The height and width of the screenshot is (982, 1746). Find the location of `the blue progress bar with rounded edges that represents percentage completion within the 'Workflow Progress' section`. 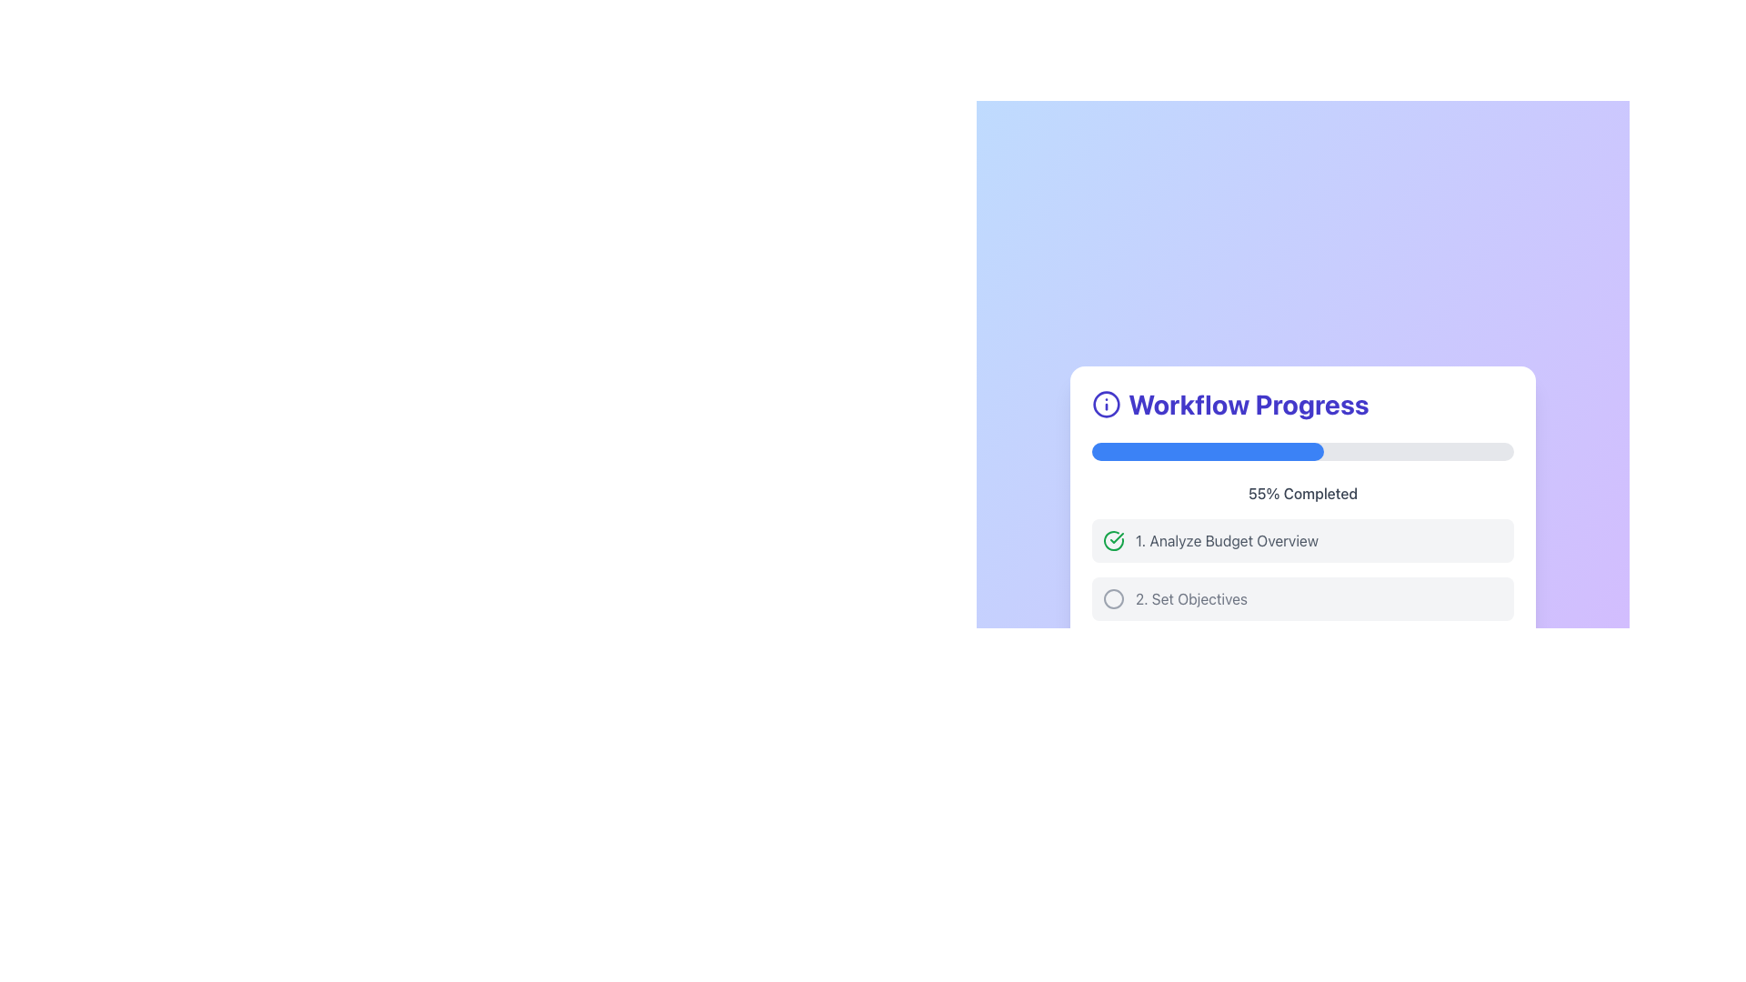

the blue progress bar with rounded edges that represents percentage completion within the 'Workflow Progress' section is located at coordinates (1208, 451).